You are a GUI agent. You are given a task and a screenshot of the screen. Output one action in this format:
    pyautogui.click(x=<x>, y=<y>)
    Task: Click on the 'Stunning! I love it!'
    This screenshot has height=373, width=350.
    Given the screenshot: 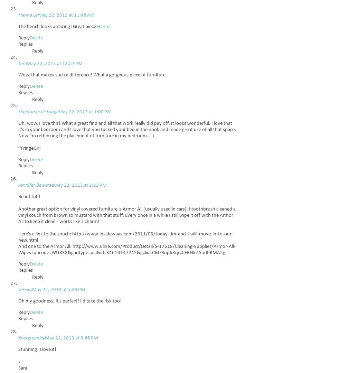 What is the action you would take?
    pyautogui.click(x=18, y=349)
    